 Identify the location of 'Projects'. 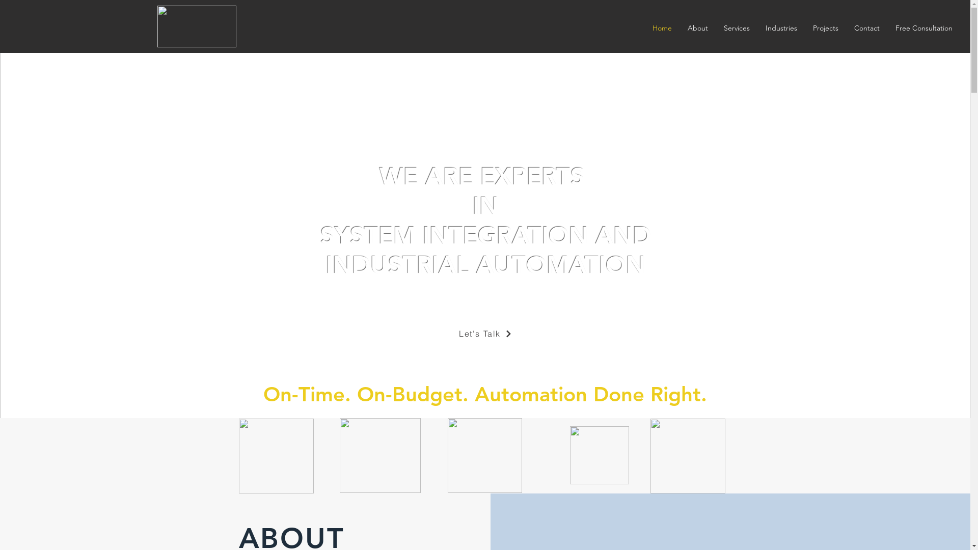
(804, 28).